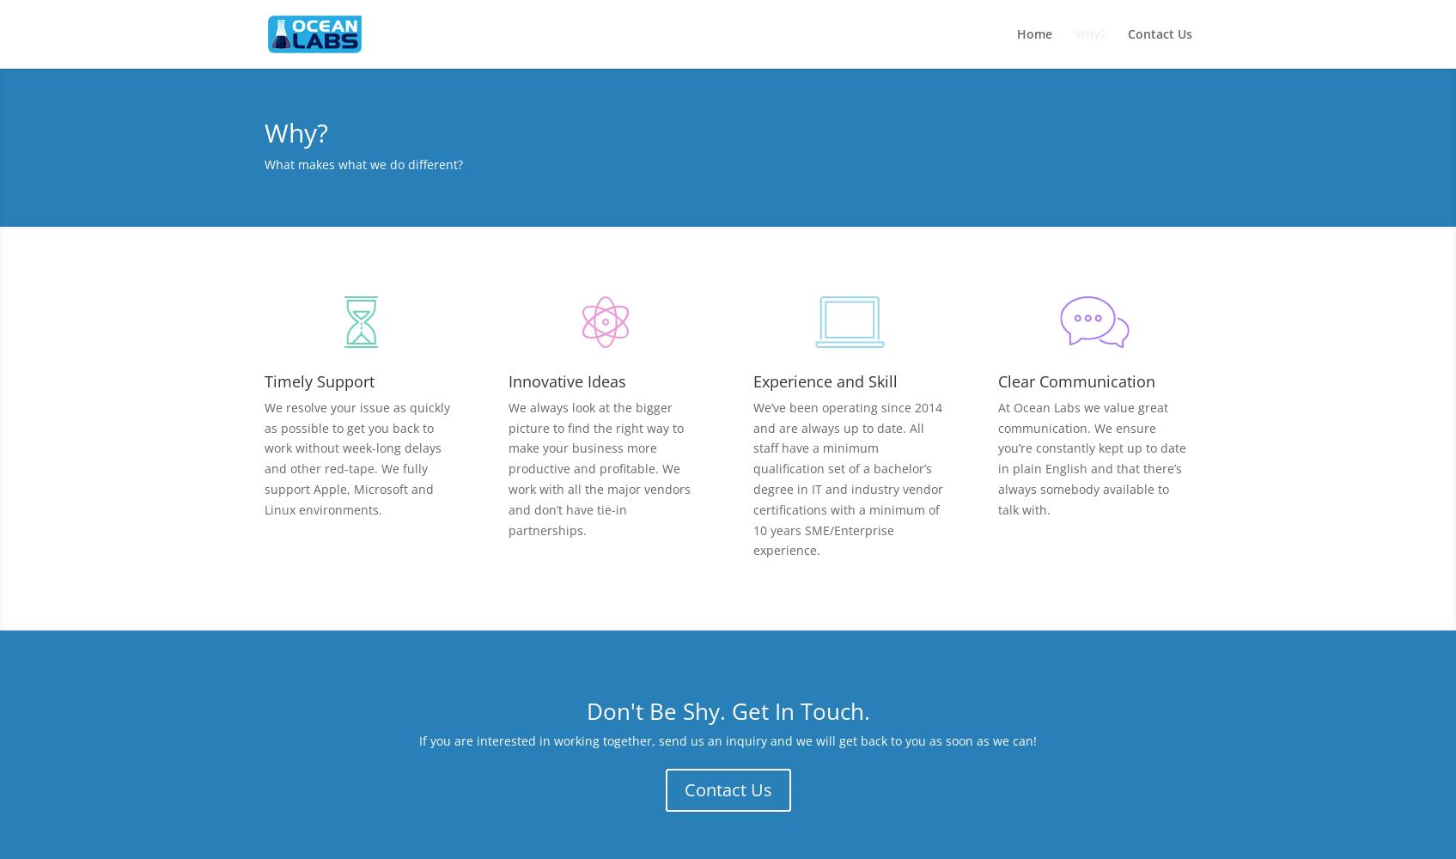  I want to click on 'Innovative Ideas', so click(508, 380).